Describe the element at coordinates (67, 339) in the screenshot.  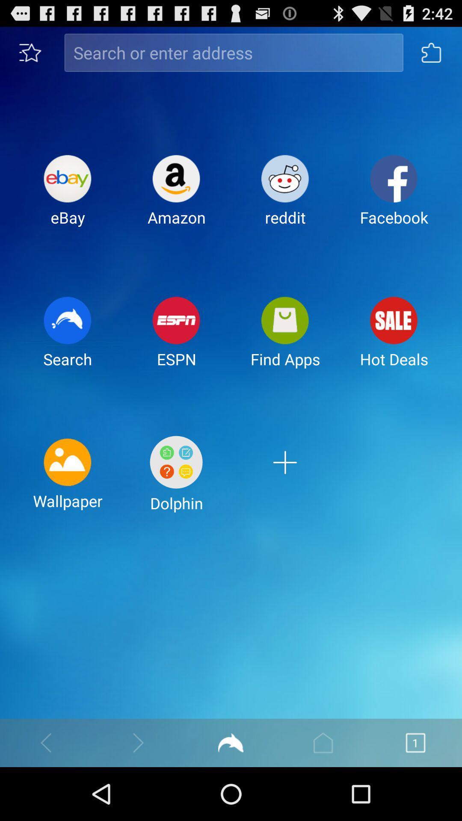
I see `the search` at that location.